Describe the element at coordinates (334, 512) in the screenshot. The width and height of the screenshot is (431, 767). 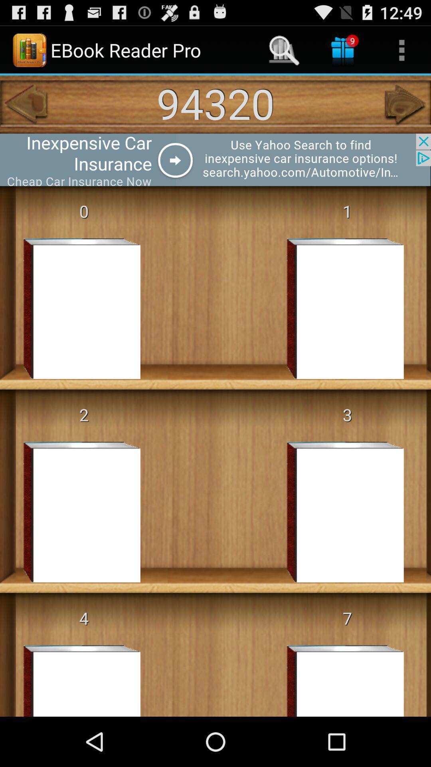
I see `the book which is below the number 3` at that location.